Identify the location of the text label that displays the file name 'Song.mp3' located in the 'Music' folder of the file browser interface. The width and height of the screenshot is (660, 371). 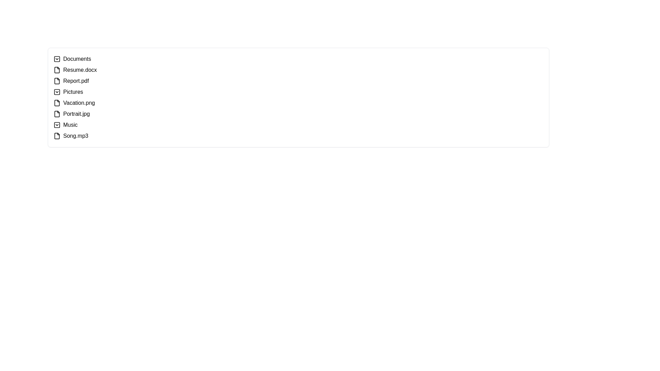
(76, 136).